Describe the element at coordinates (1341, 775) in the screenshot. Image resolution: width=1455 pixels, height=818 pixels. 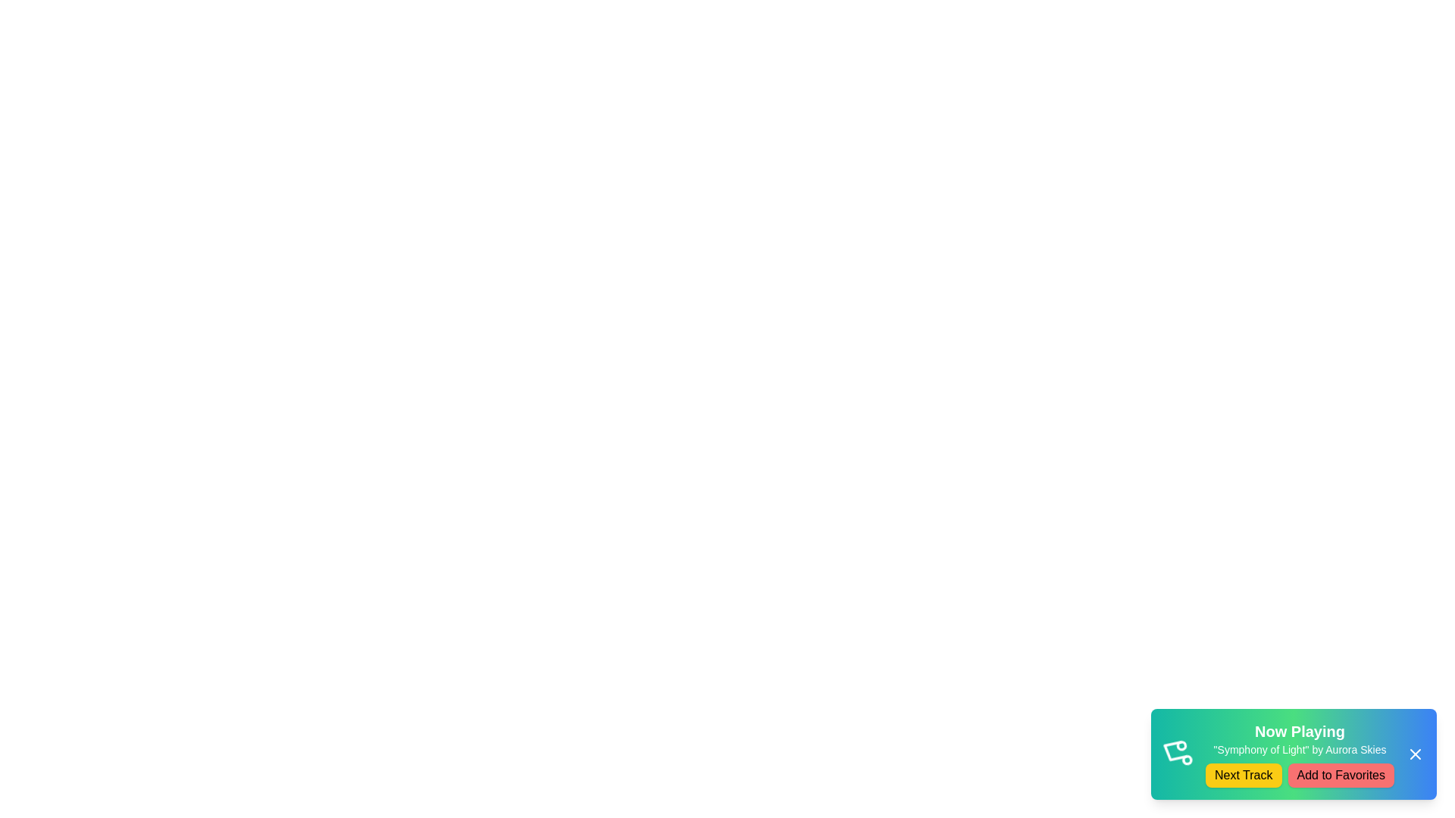
I see `the button labeled Add to Favorites to observe its hover effect` at that location.